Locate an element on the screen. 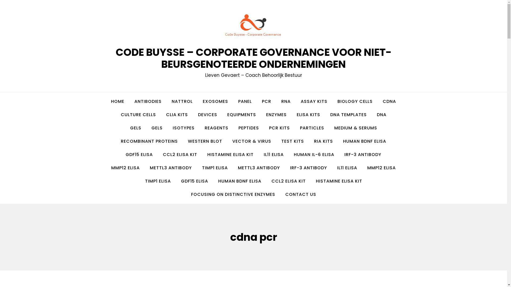 The width and height of the screenshot is (511, 287). 'CCL2 ELISA KIT' is located at coordinates (288, 181).